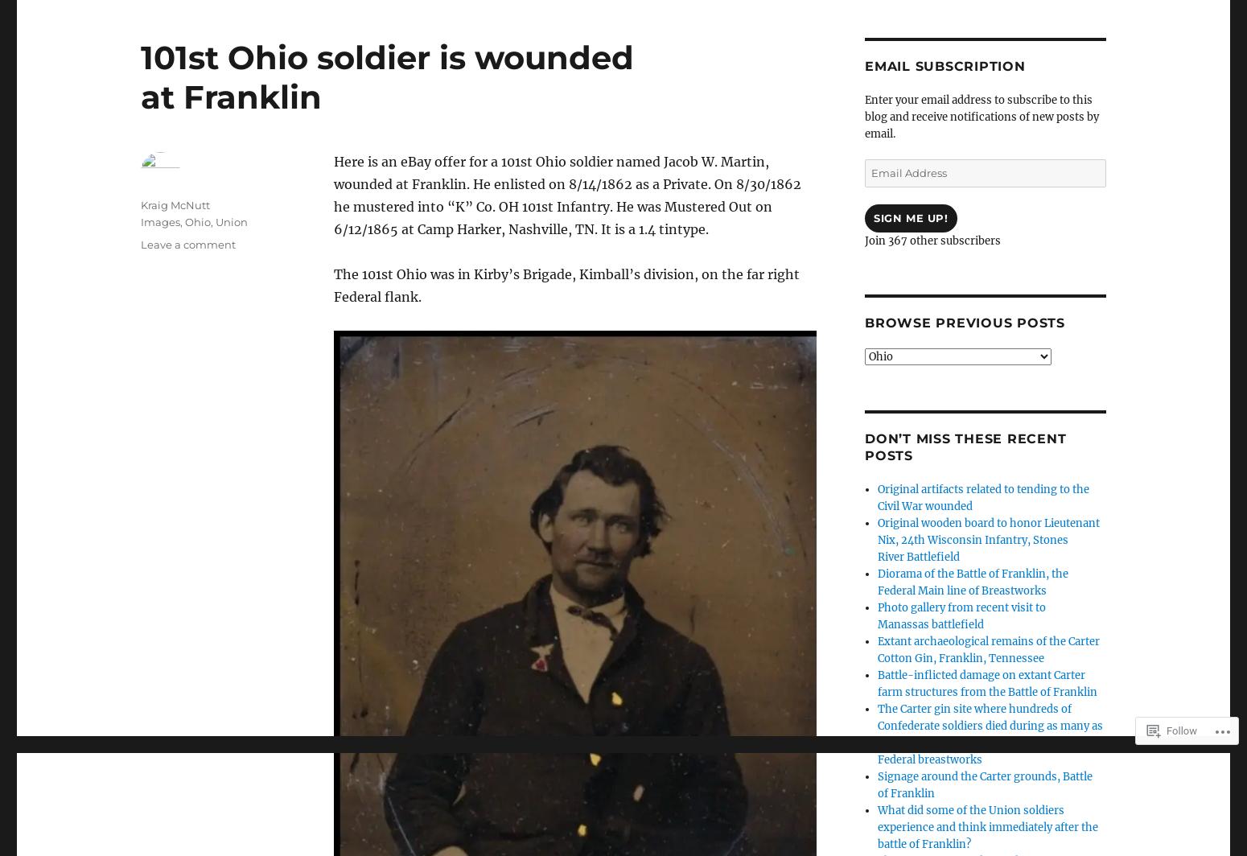 This screenshot has width=1247, height=856. What do you see at coordinates (215, 222) in the screenshot?
I see `'Union'` at bounding box center [215, 222].